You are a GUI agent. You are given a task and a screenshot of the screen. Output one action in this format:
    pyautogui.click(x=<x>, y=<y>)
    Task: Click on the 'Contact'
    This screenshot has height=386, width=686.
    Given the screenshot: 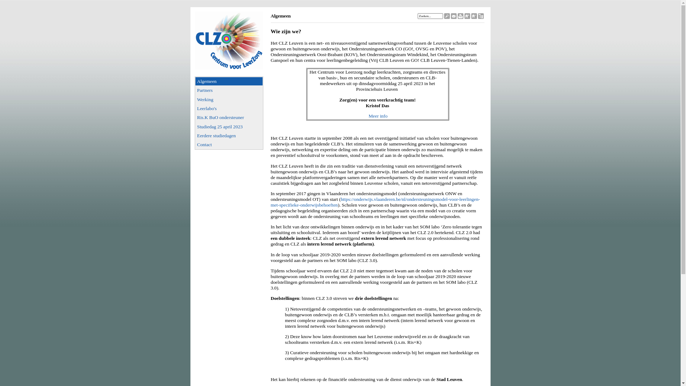 What is the action you would take?
    pyautogui.click(x=195, y=144)
    